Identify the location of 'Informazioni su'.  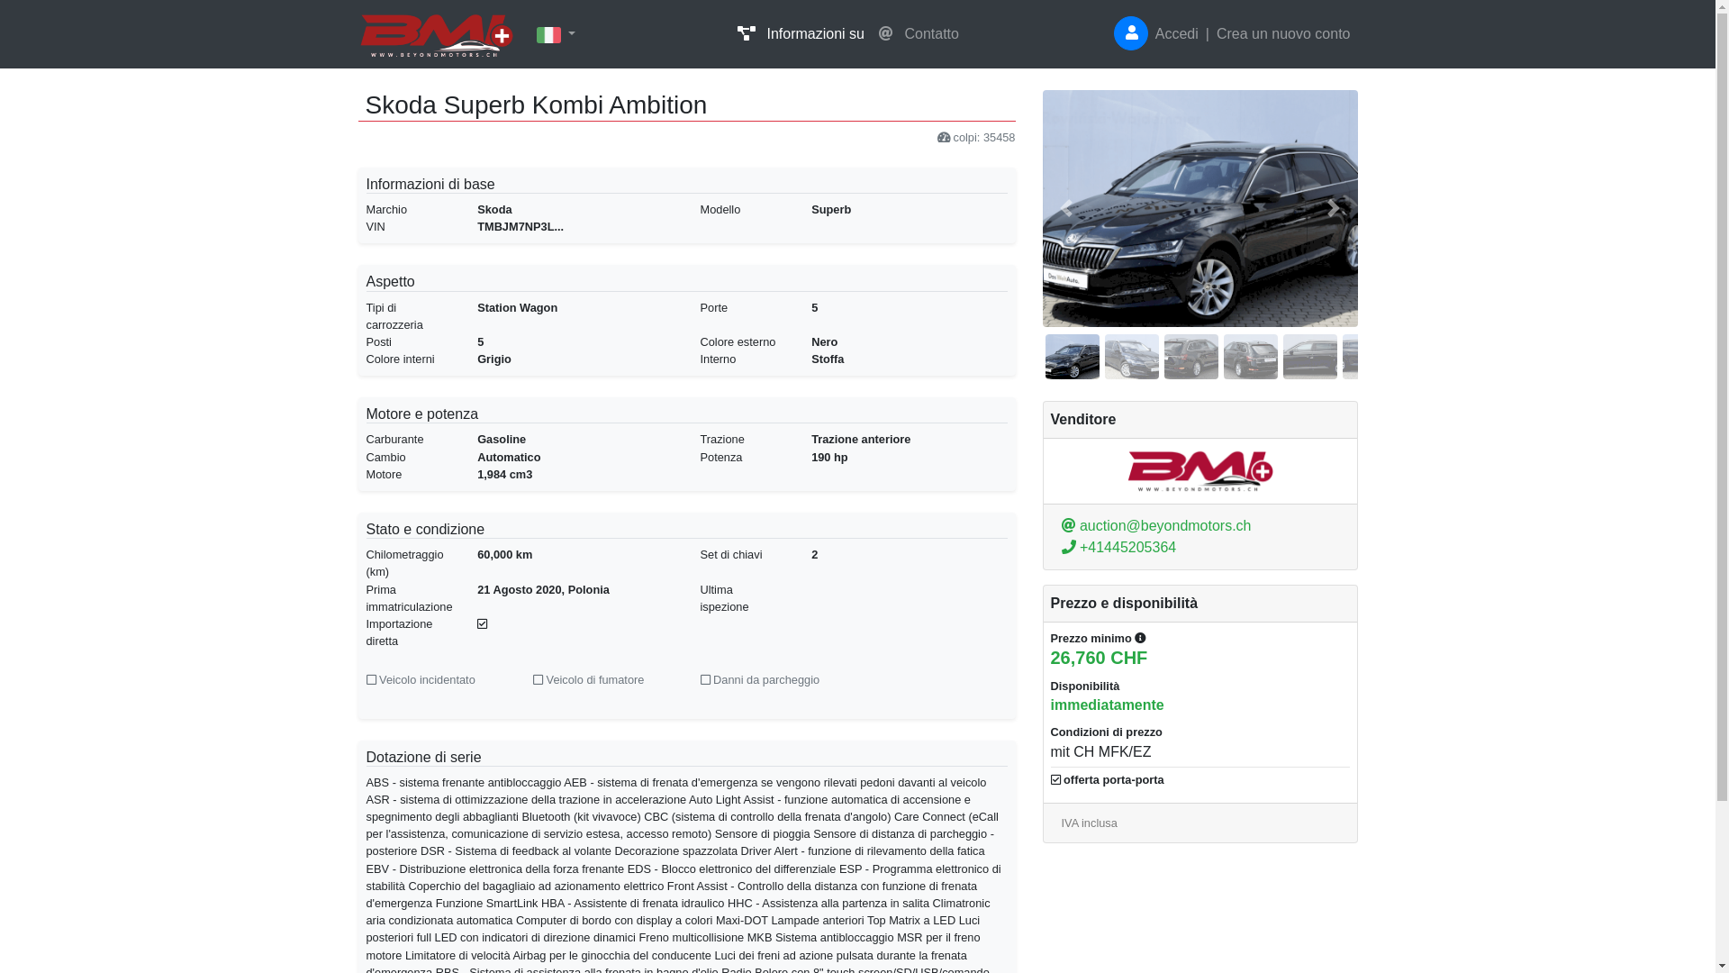
(730, 34).